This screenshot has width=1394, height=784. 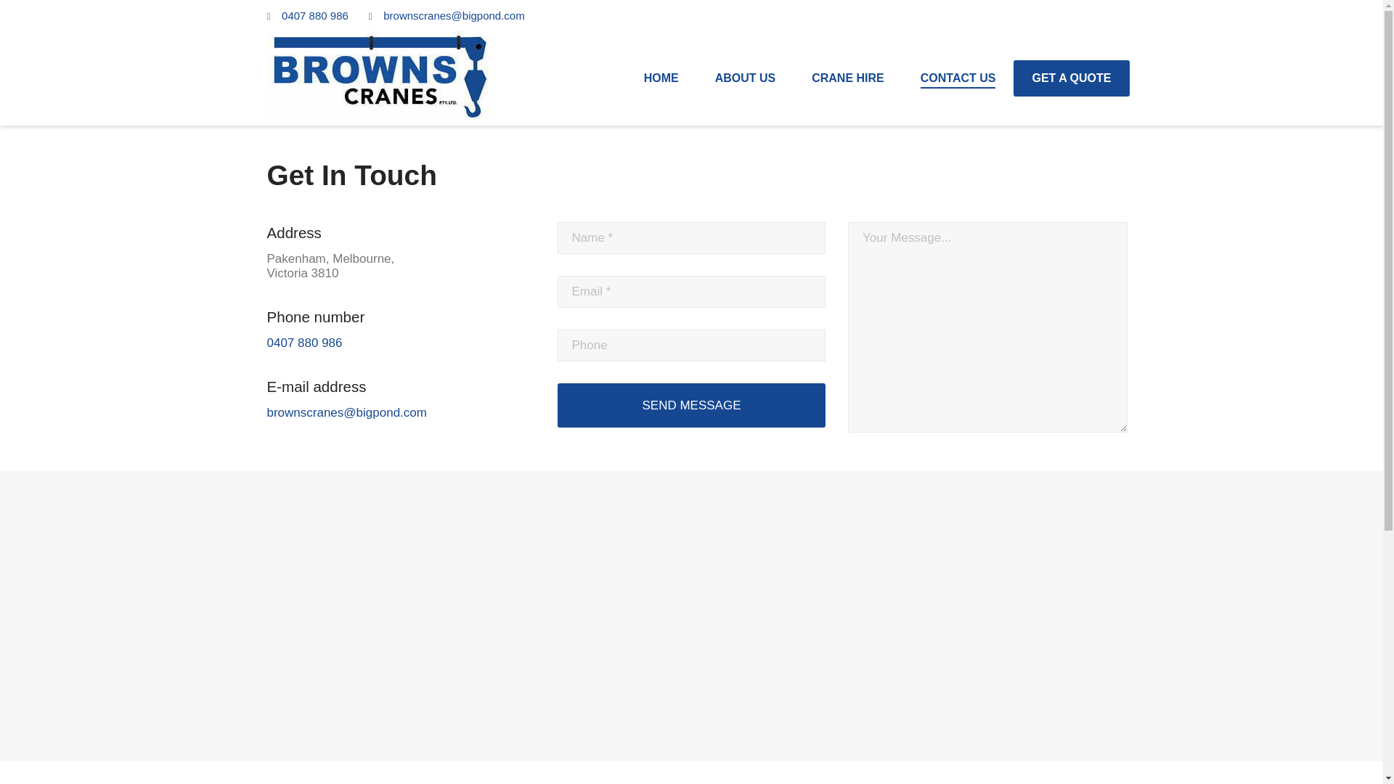 I want to click on 'CONTACT US', so click(x=919, y=78).